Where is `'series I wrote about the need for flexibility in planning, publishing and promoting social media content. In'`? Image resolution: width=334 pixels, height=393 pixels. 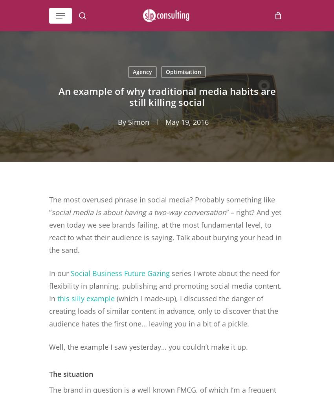
'series I wrote about the need for flexibility in planning, publishing and promoting social media content. In' is located at coordinates (165, 286).